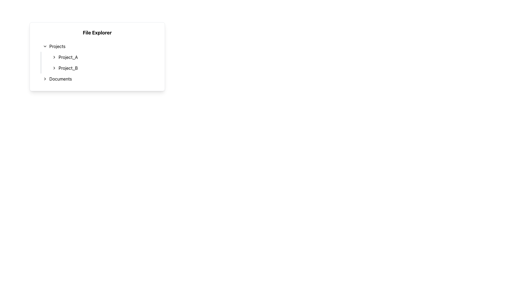 The height and width of the screenshot is (293, 521). What do you see at coordinates (57, 46) in the screenshot?
I see `text label displaying 'Projects' located in the left sidebar under the 'File Explorer' section` at bounding box center [57, 46].